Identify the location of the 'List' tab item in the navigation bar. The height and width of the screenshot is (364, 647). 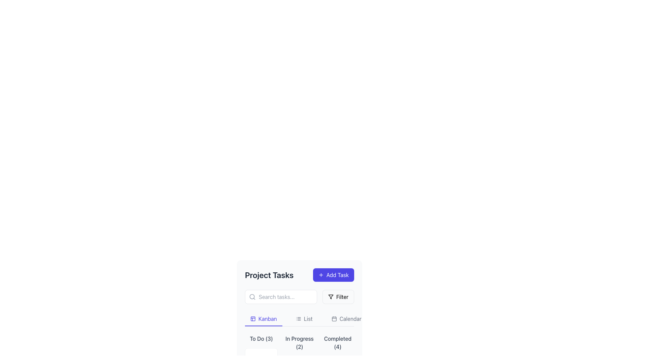
(299, 319).